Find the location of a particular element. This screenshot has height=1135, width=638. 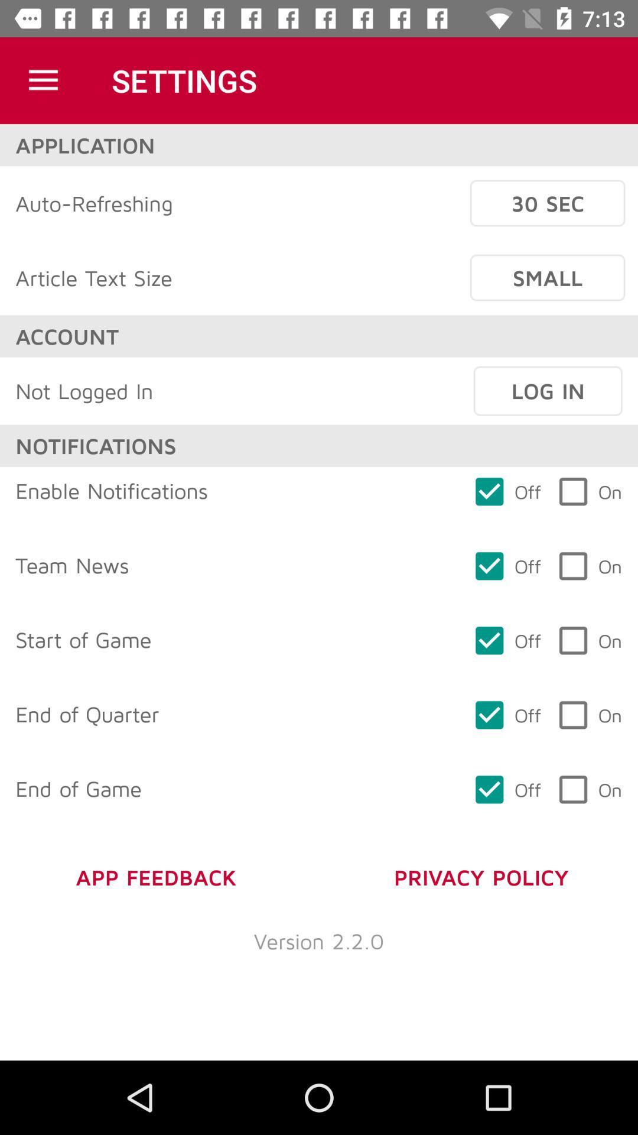

item below app feedback icon is located at coordinates (319, 940).